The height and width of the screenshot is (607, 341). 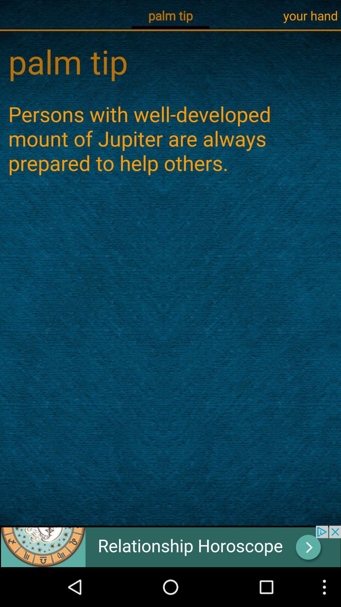 I want to click on the advertisement page, so click(x=170, y=546).